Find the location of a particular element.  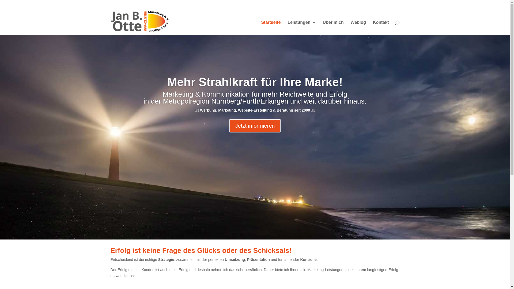

'Weblog' is located at coordinates (358, 28).